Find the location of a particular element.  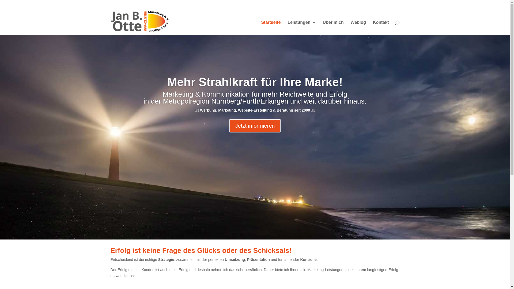

'Weblog' is located at coordinates (358, 28).